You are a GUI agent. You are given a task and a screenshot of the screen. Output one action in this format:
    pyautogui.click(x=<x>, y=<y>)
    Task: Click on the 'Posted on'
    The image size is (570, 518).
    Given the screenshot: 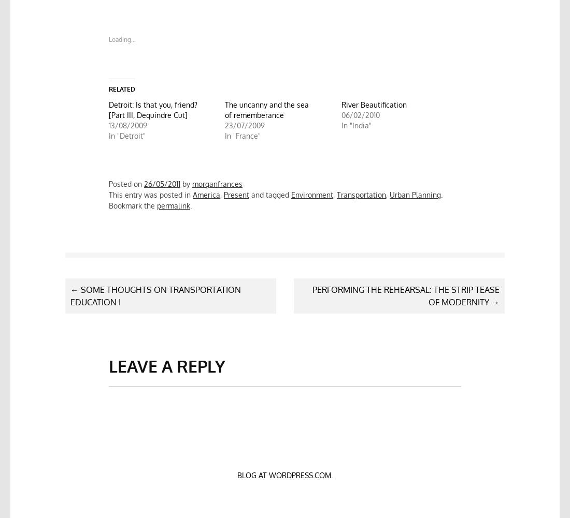 What is the action you would take?
    pyautogui.click(x=126, y=184)
    